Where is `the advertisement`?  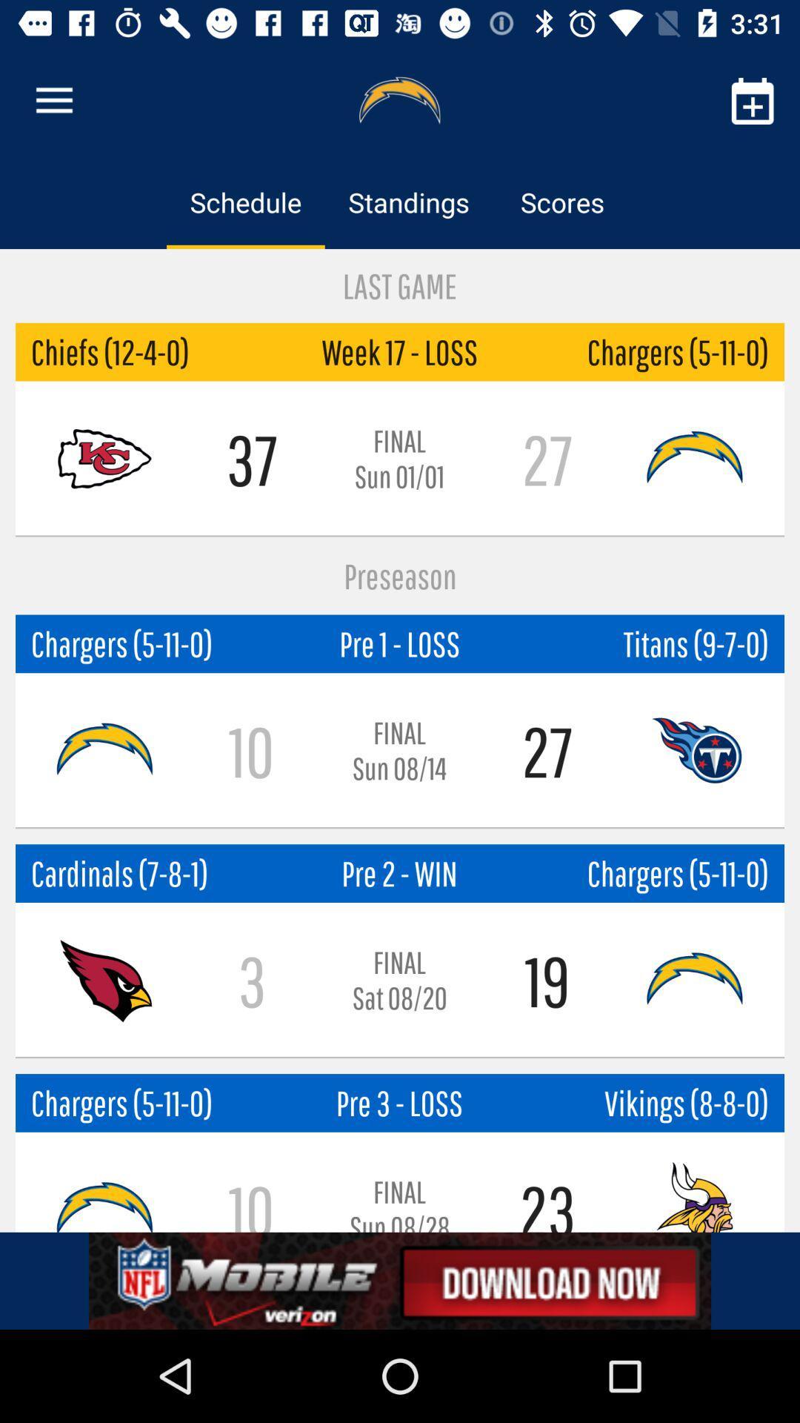
the advertisement is located at coordinates (400, 1280).